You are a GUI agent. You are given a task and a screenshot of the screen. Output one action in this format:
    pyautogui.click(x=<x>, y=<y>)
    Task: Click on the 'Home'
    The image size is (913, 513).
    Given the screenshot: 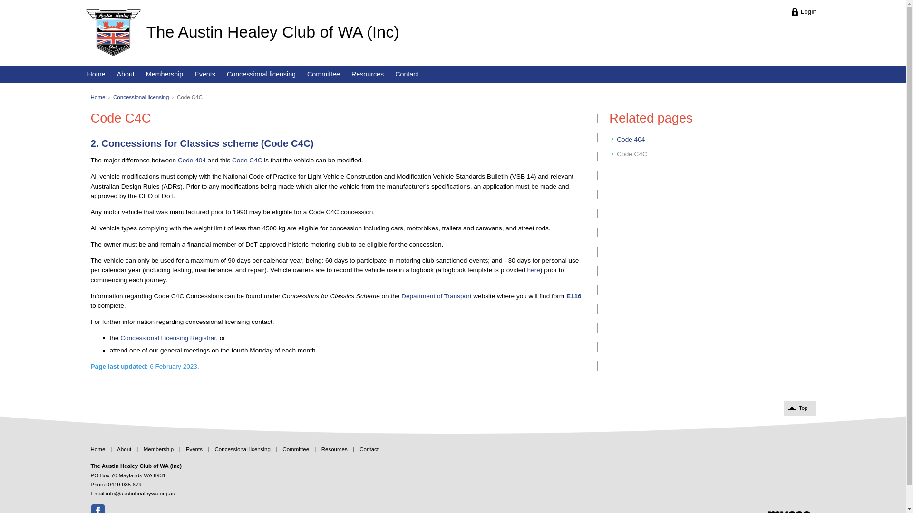 What is the action you would take?
    pyautogui.click(x=81, y=73)
    